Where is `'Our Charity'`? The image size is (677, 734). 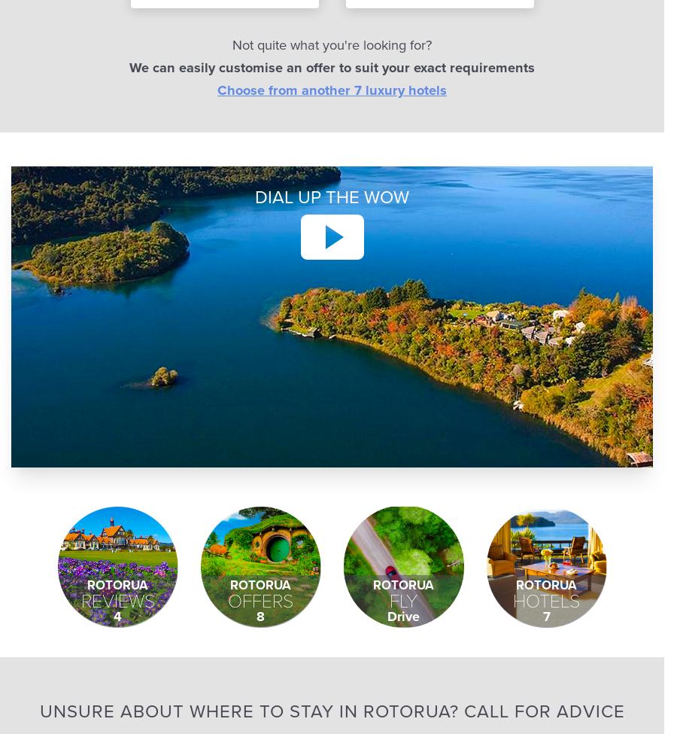 'Our Charity' is located at coordinates (429, 68).